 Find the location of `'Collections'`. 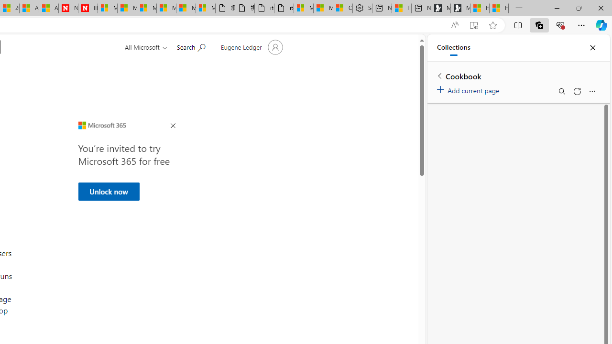

'Collections' is located at coordinates (453, 48).